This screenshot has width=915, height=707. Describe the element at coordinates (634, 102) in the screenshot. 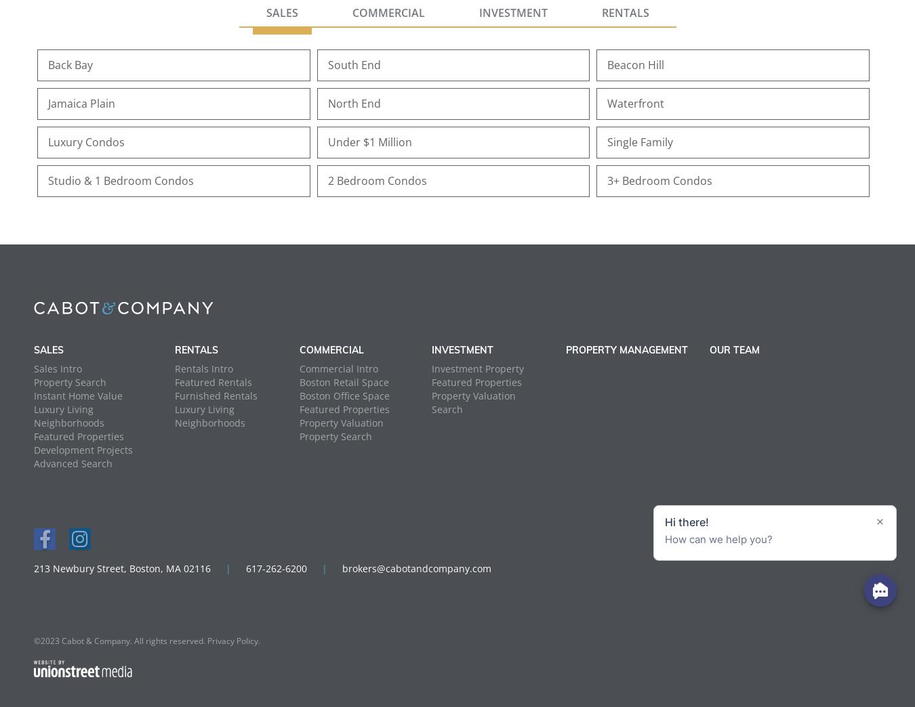

I see `'Waterfront'` at that location.